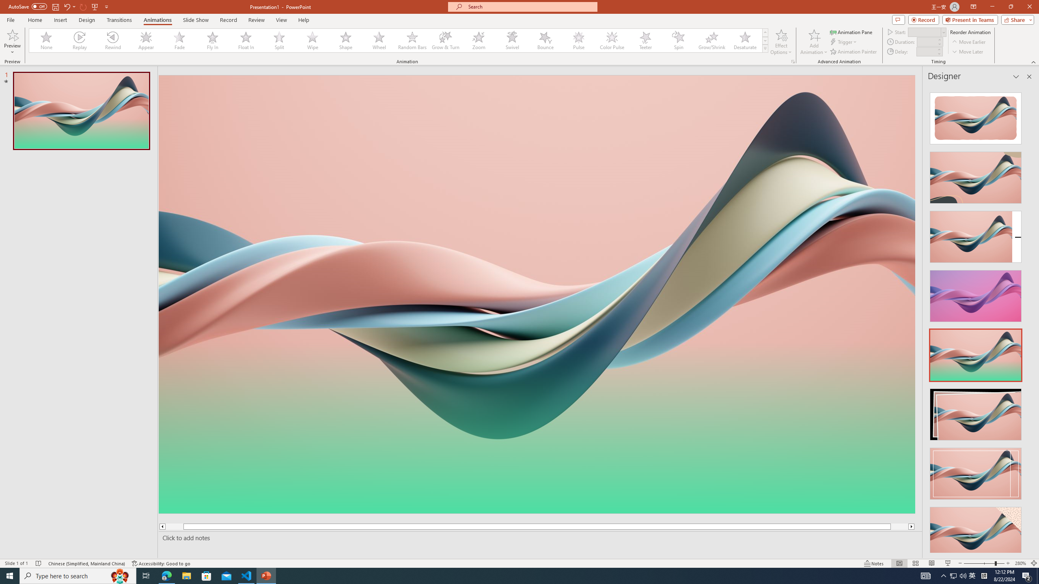 The image size is (1039, 584). I want to click on 'Random Bars', so click(412, 40).